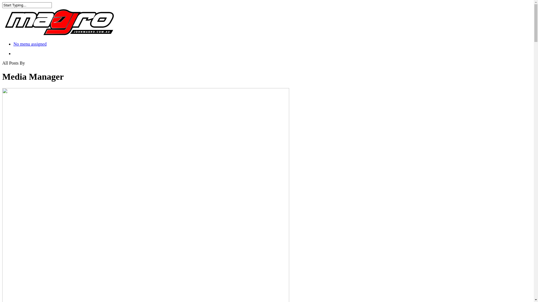  I want to click on 'No menu assigned', so click(29, 44).